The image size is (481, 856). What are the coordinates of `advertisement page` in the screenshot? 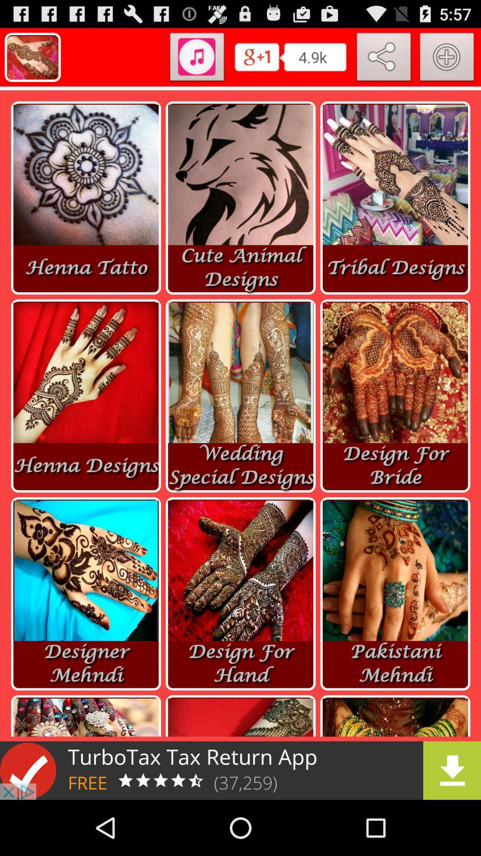 It's located at (240, 770).